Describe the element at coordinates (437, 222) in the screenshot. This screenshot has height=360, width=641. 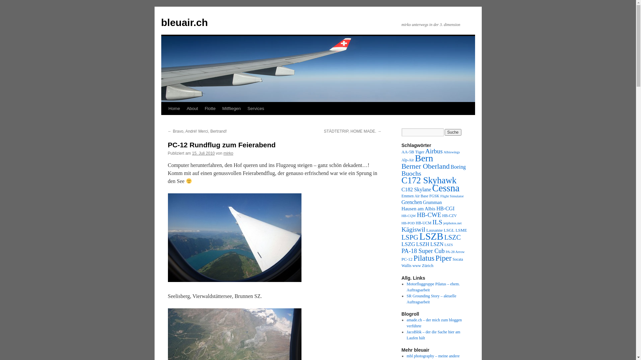
I see `'ILS'` at that location.